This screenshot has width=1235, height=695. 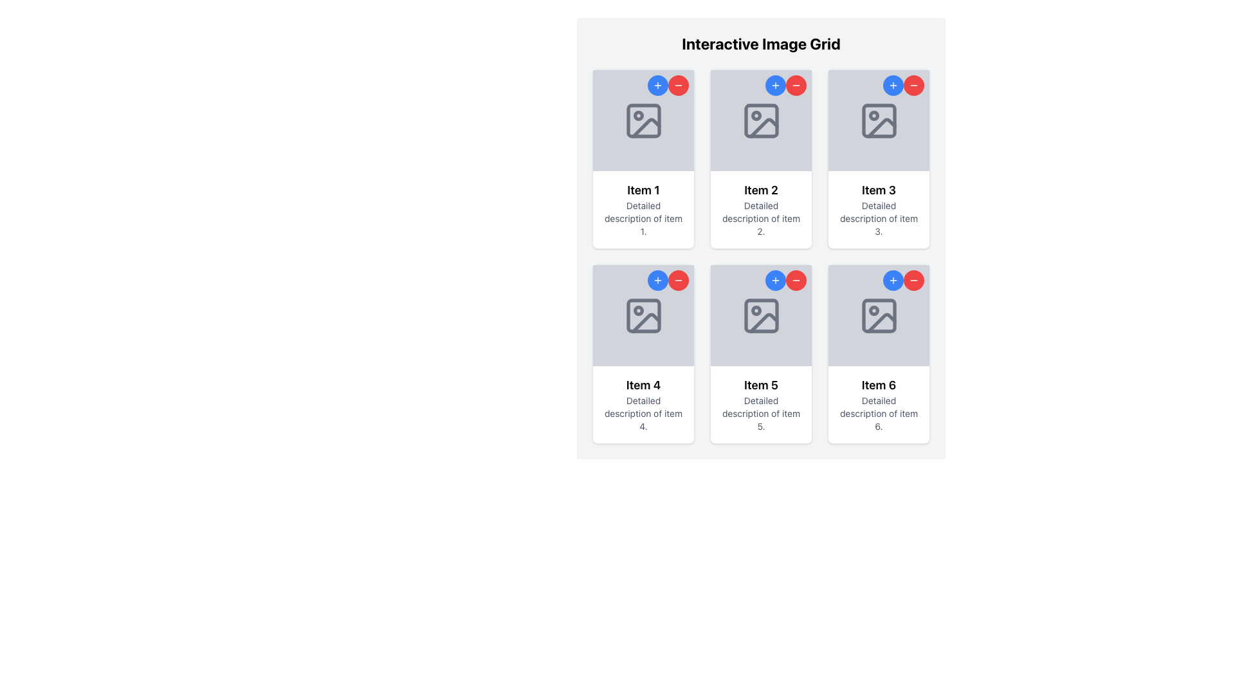 I want to click on the circular blue button with a white plus symbol located in the bottom middle card of the grid layout, so click(x=657, y=279).